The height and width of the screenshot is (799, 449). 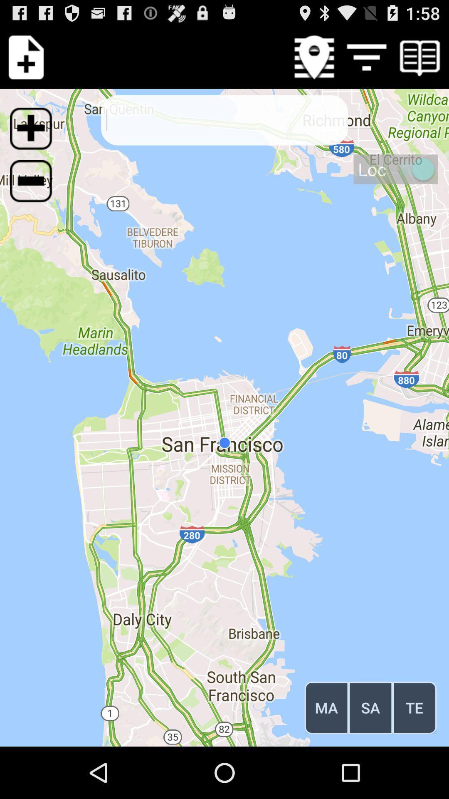 What do you see at coordinates (36, 186) in the screenshot?
I see `the icon to the left of  loc` at bounding box center [36, 186].